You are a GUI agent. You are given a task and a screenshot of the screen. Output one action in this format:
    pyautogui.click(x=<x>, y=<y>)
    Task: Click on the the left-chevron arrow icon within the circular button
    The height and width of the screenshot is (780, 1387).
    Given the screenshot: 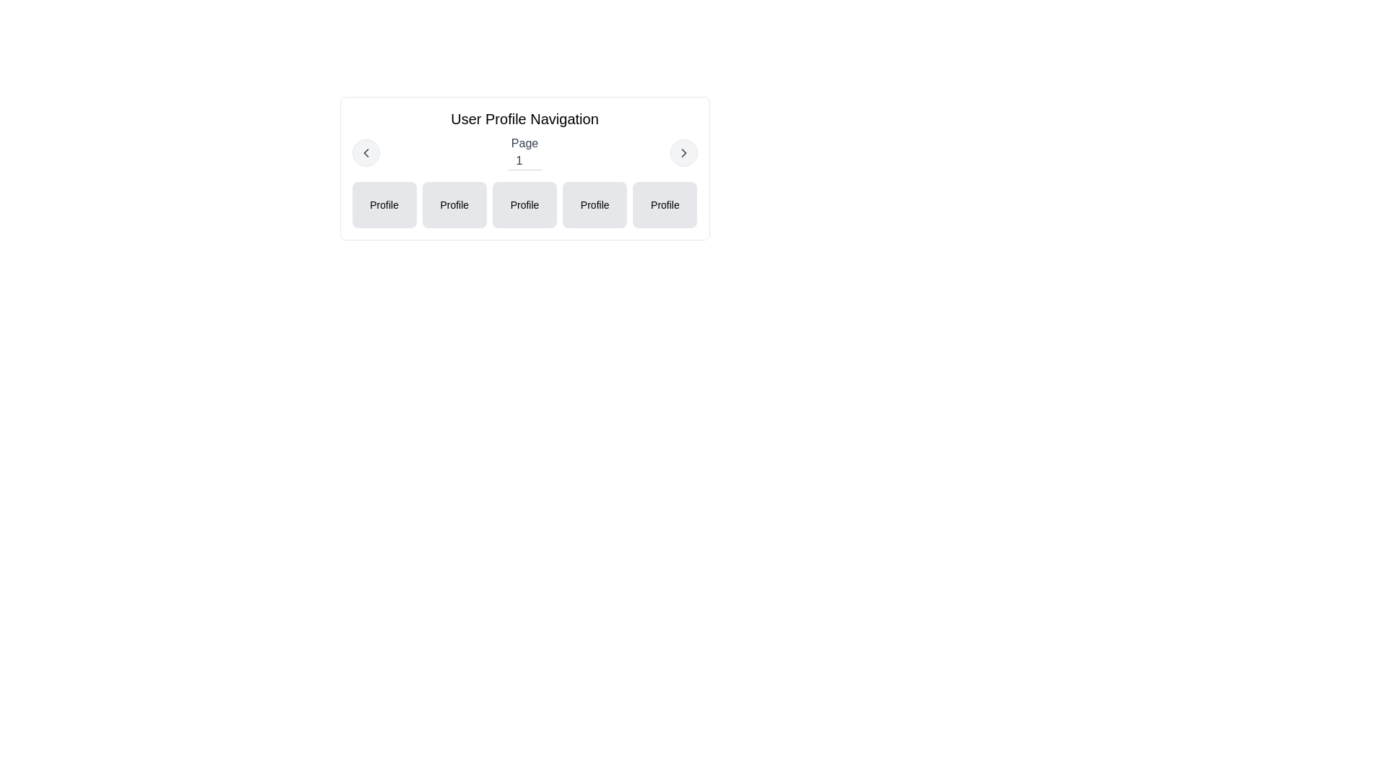 What is the action you would take?
    pyautogui.click(x=366, y=152)
    